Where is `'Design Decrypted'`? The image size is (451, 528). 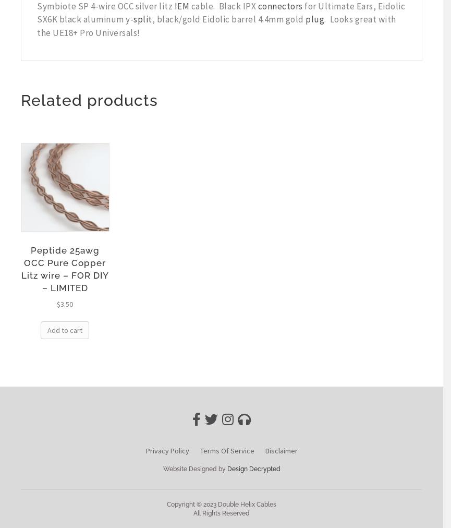 'Design Decrypted' is located at coordinates (252, 469).